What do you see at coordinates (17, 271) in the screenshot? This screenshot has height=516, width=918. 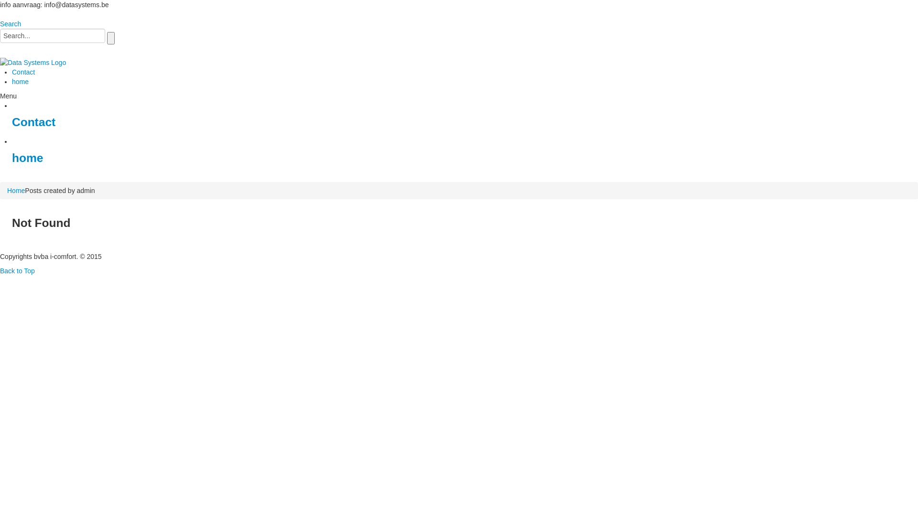 I see `'Back to Top'` at bounding box center [17, 271].